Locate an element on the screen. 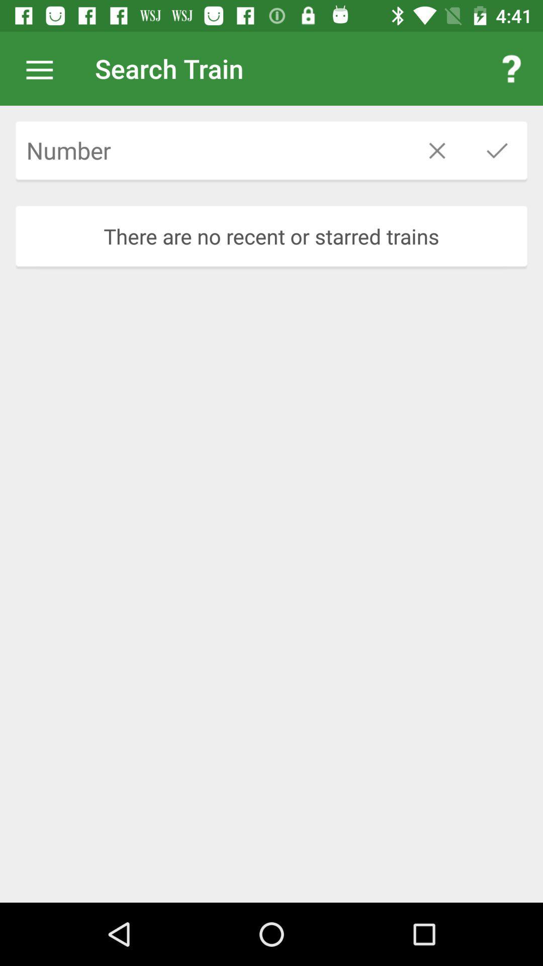  the close icon is located at coordinates (436, 150).